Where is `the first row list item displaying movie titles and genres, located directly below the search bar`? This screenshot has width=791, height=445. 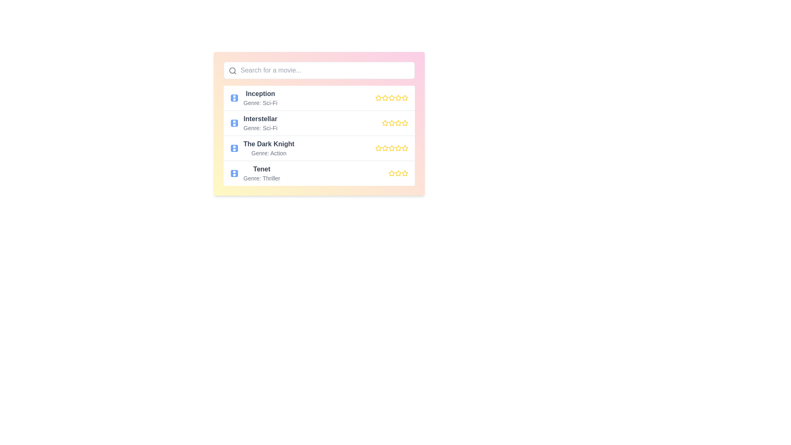 the first row list item displaying movie titles and genres, located directly below the search bar is located at coordinates (318, 98).